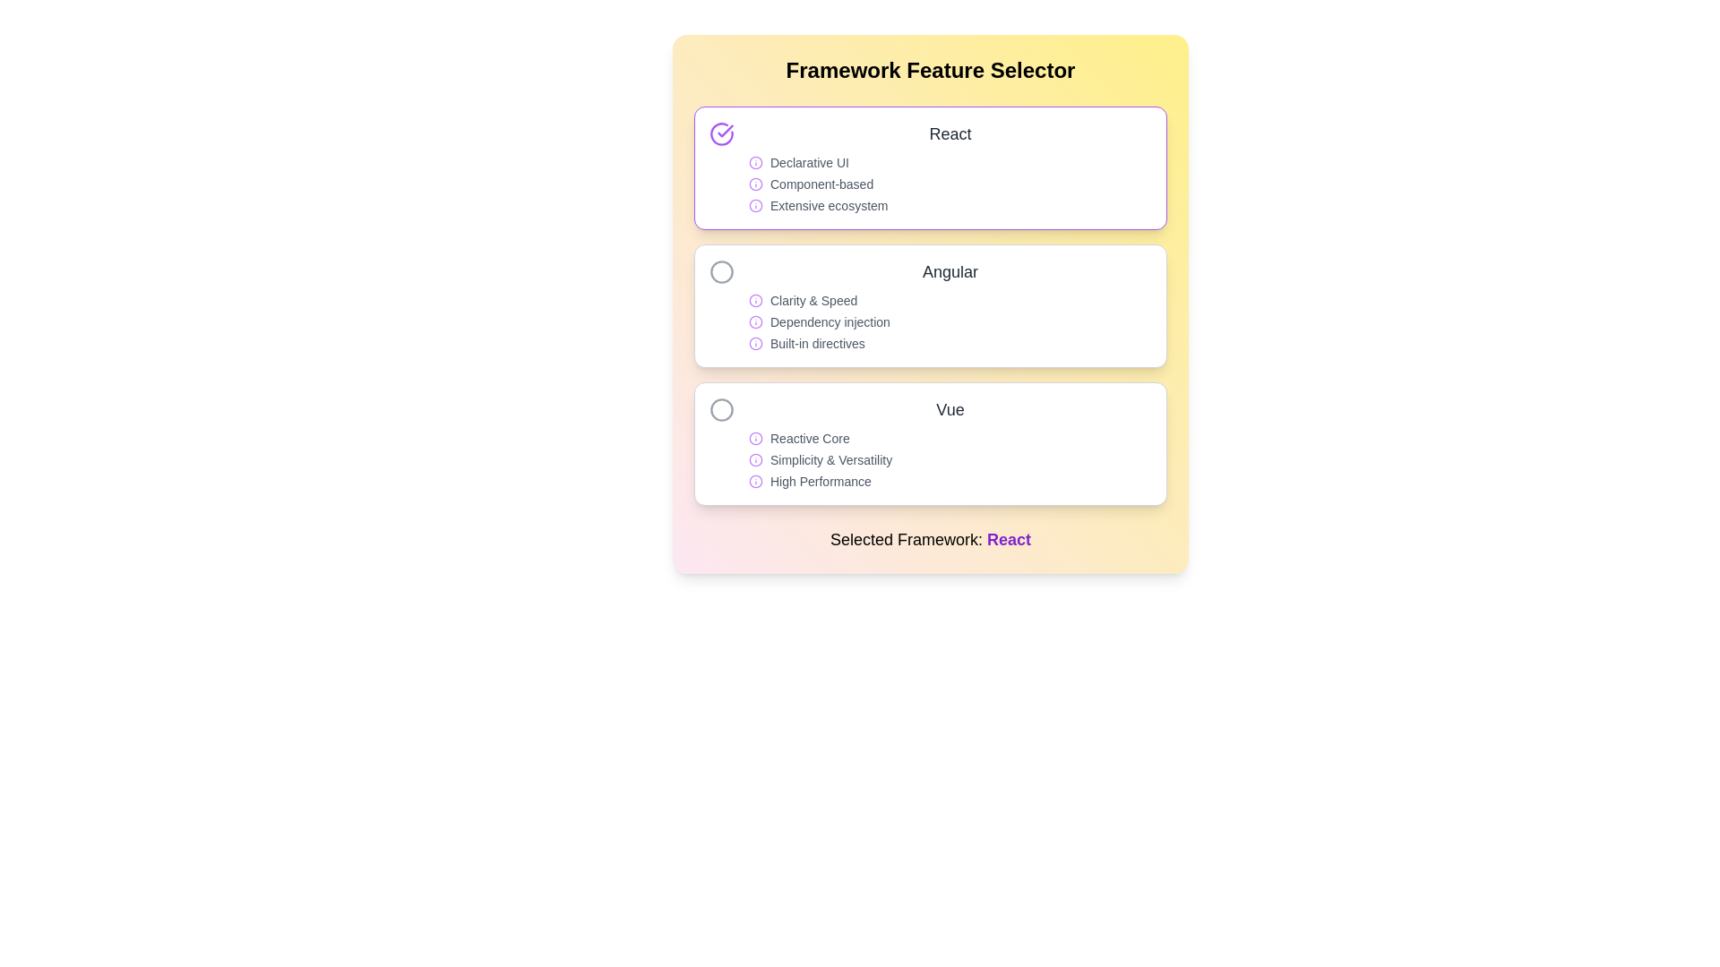 The height and width of the screenshot is (967, 1720). What do you see at coordinates (949, 321) in the screenshot?
I see `one of the information icons in the bulleted list of the Angular card for additional details` at bounding box center [949, 321].